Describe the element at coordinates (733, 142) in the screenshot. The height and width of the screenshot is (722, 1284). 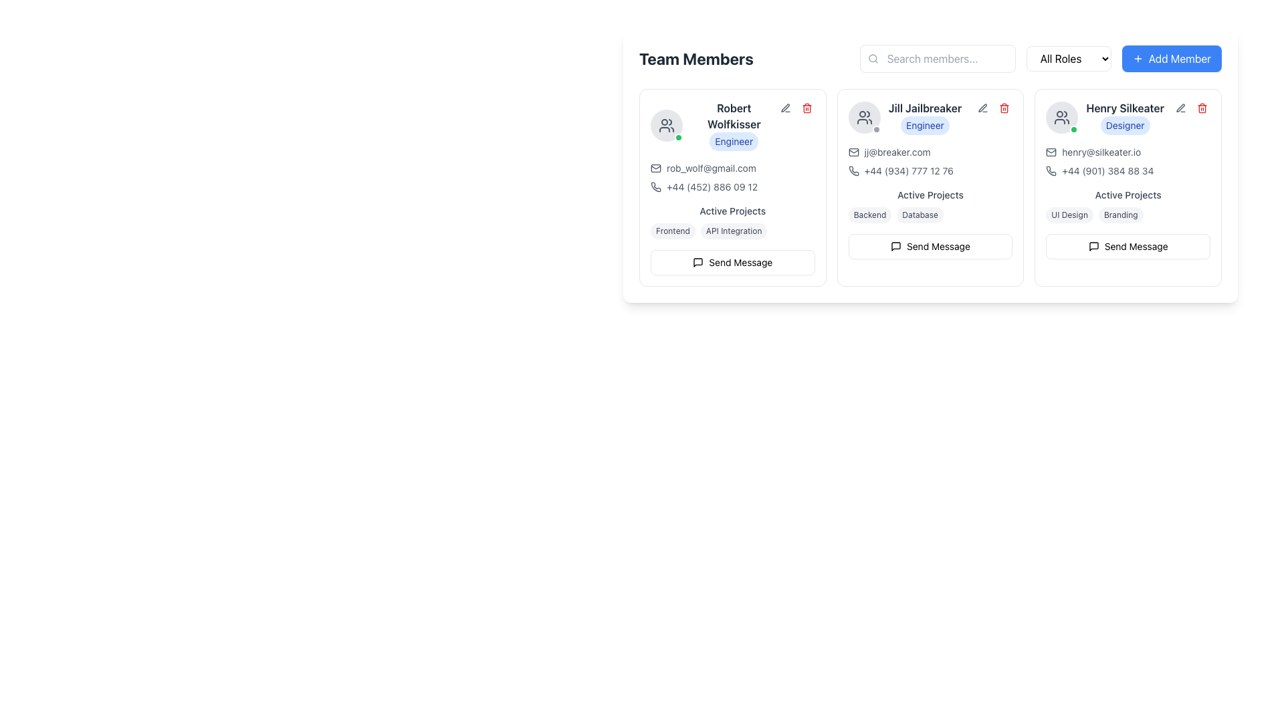
I see `the small badge or label with a light blue background and blue text saying 'Engineer', located below 'Robert Wolfkisser' in the 'Team Members' section` at that location.